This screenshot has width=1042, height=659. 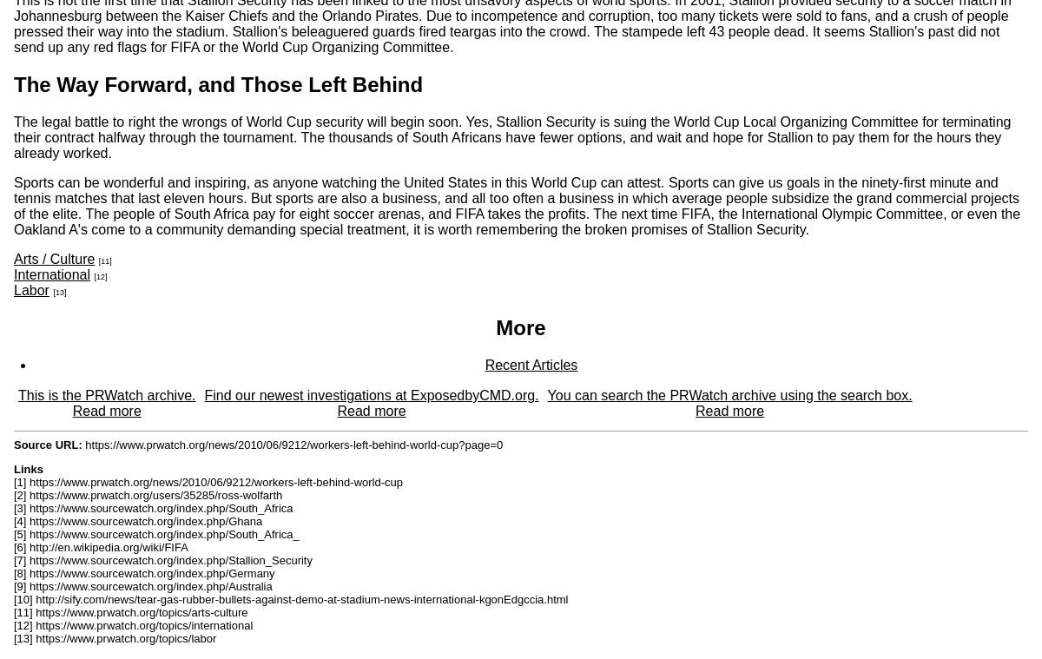 I want to click on '[12]', so click(x=100, y=276).